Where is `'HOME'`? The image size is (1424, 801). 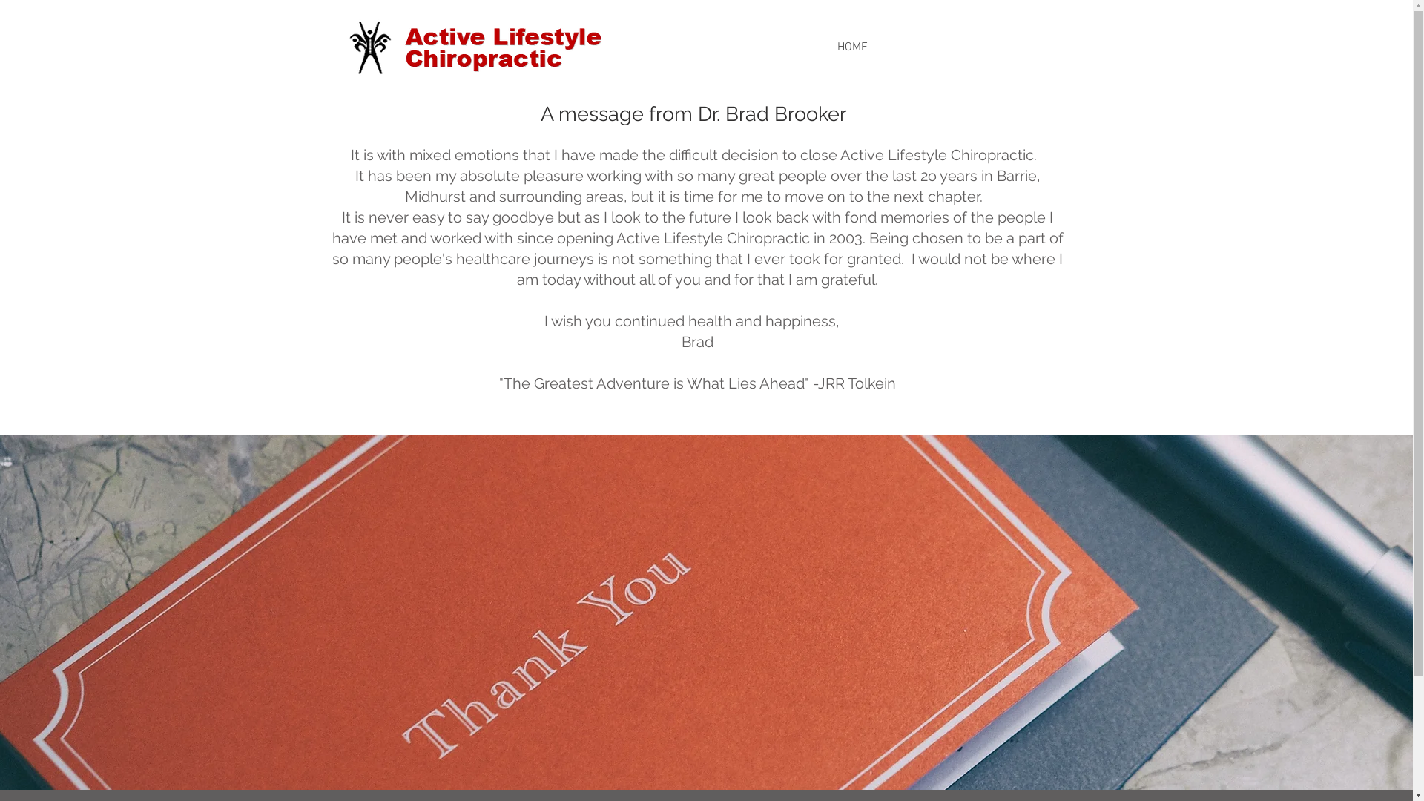 'HOME' is located at coordinates (851, 47).